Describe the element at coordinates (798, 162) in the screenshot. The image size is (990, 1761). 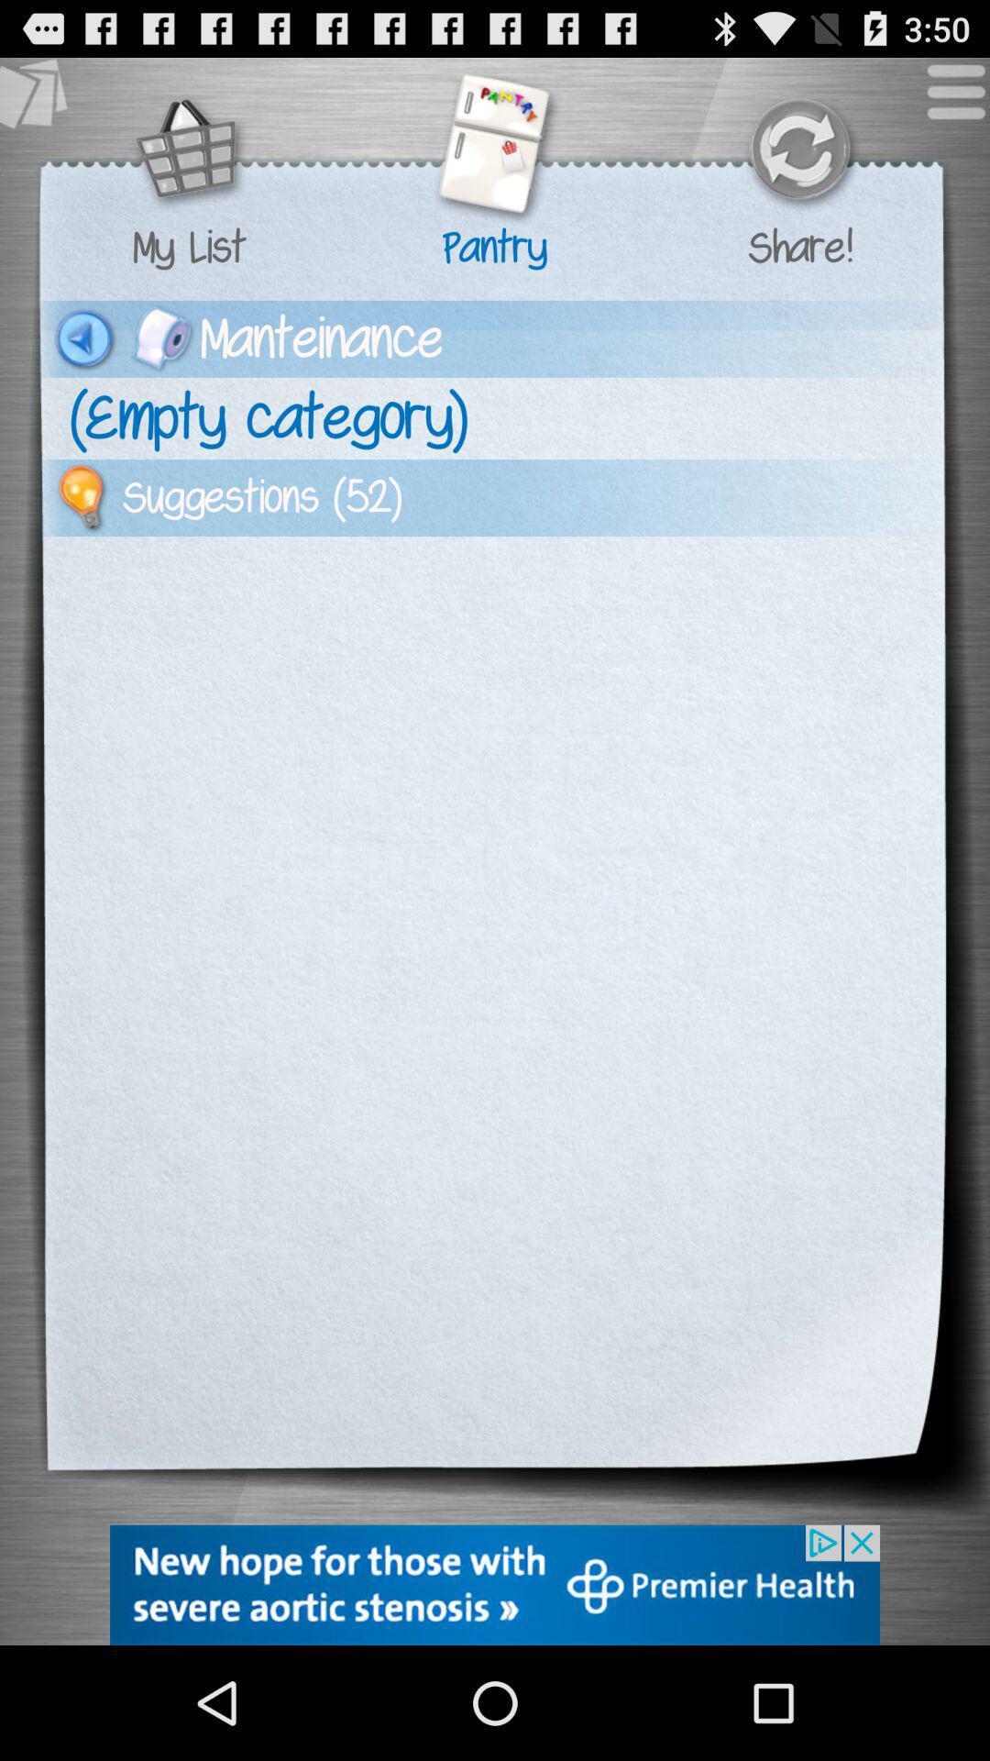
I see `the refresh icon` at that location.